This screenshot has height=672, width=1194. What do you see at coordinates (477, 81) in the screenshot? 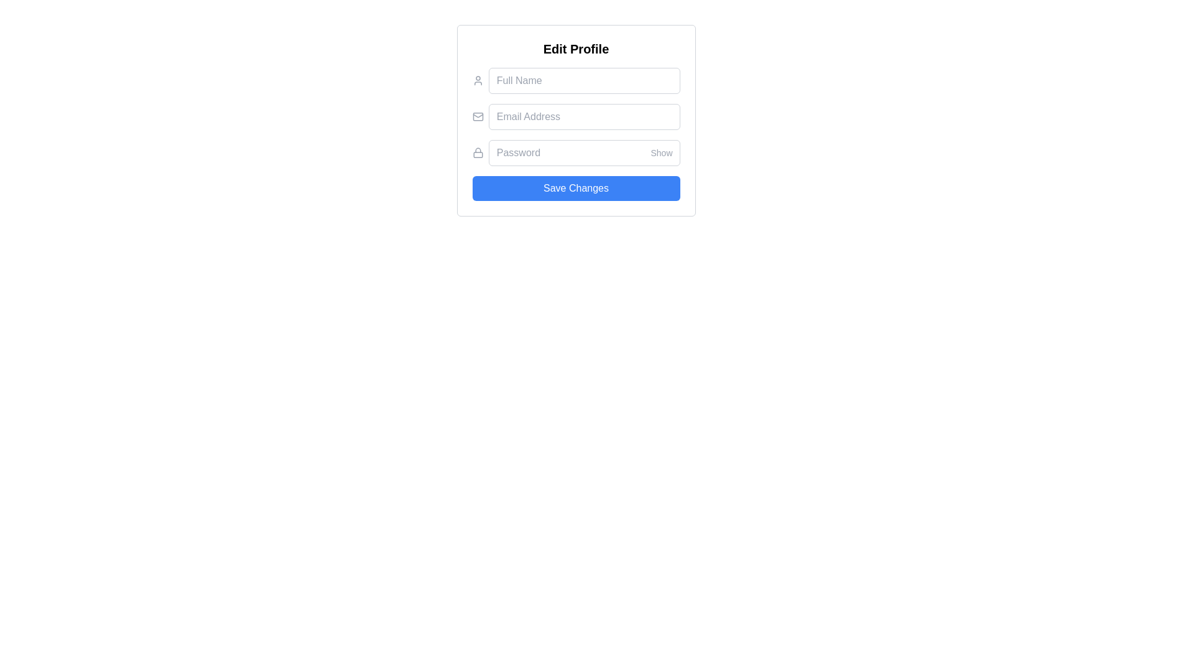
I see `the icon that visually indicates the context of the 'Full Name' input field, located at the top left of the form` at bounding box center [477, 81].